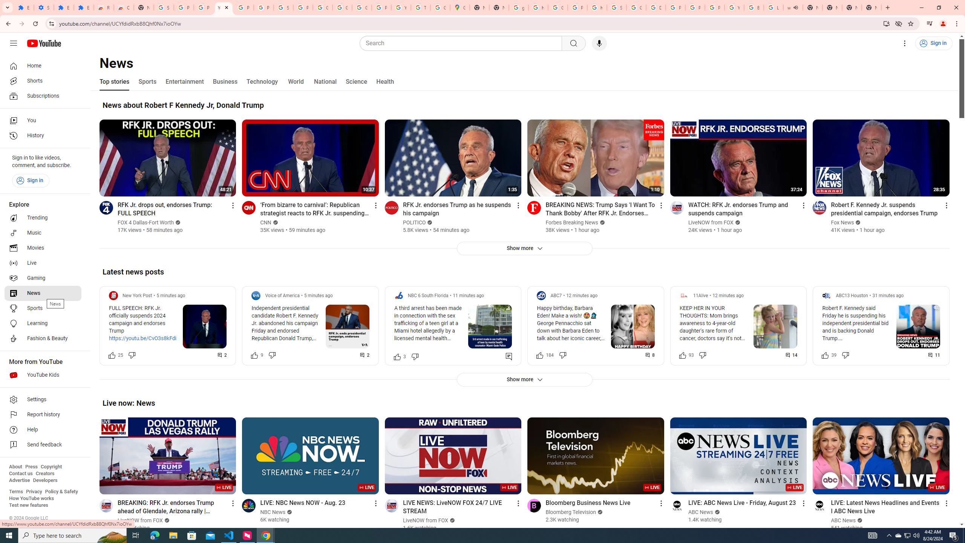 The image size is (965, 543). Describe the element at coordinates (570, 512) in the screenshot. I see `'Bloomberg Television'` at that location.